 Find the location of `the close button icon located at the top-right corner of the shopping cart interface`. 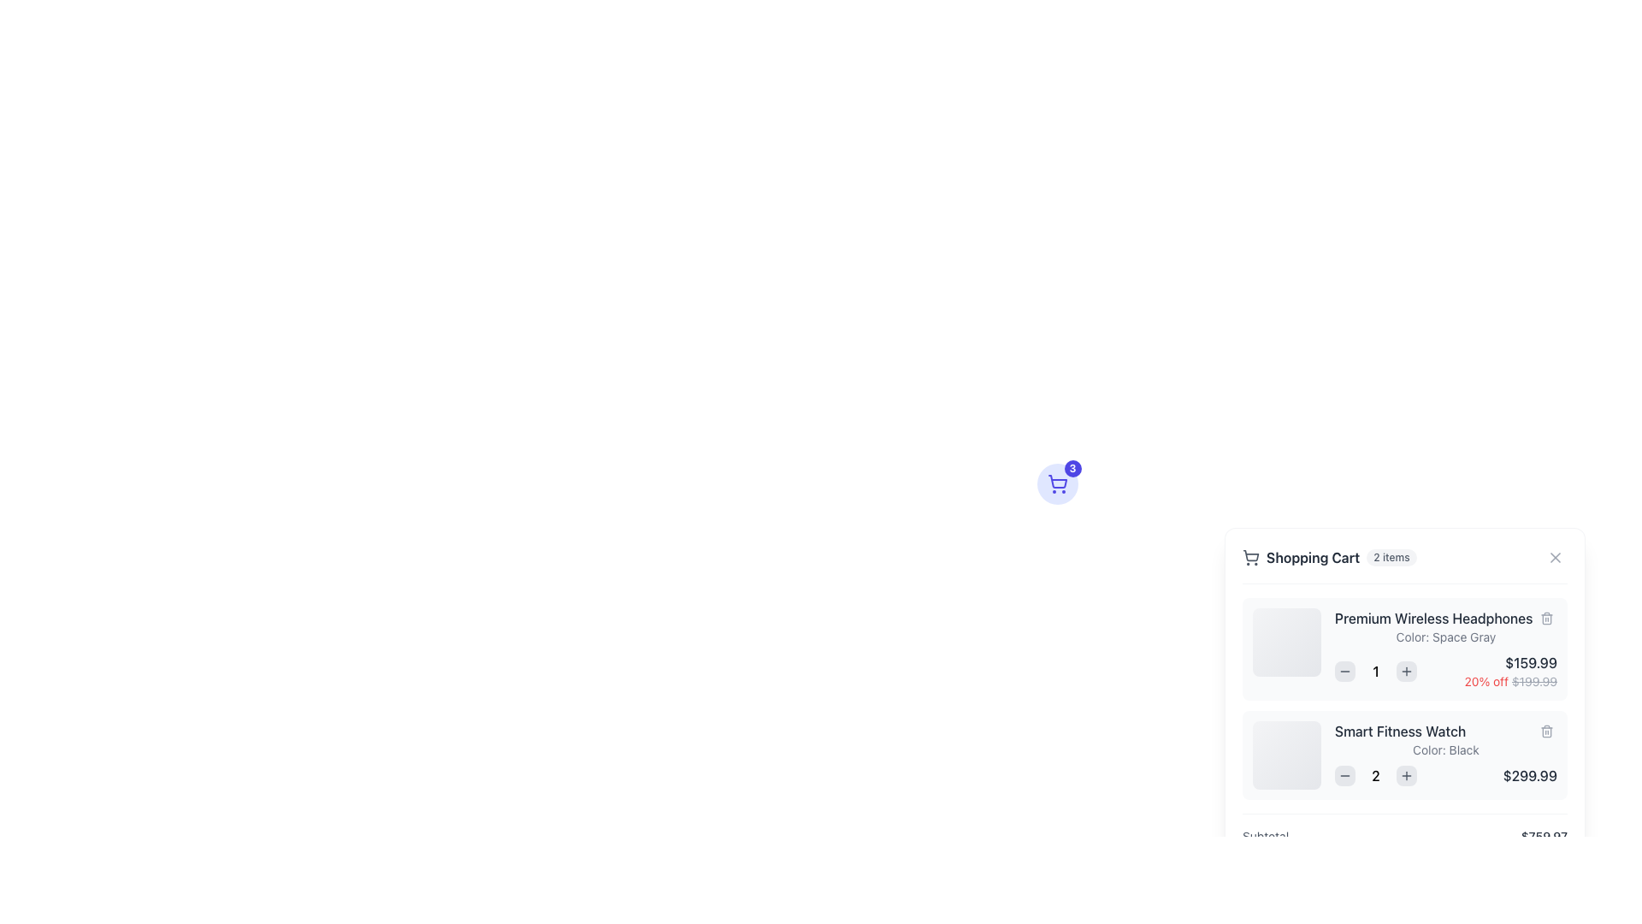

the close button icon located at the top-right corner of the shopping cart interface is located at coordinates (1556, 557).